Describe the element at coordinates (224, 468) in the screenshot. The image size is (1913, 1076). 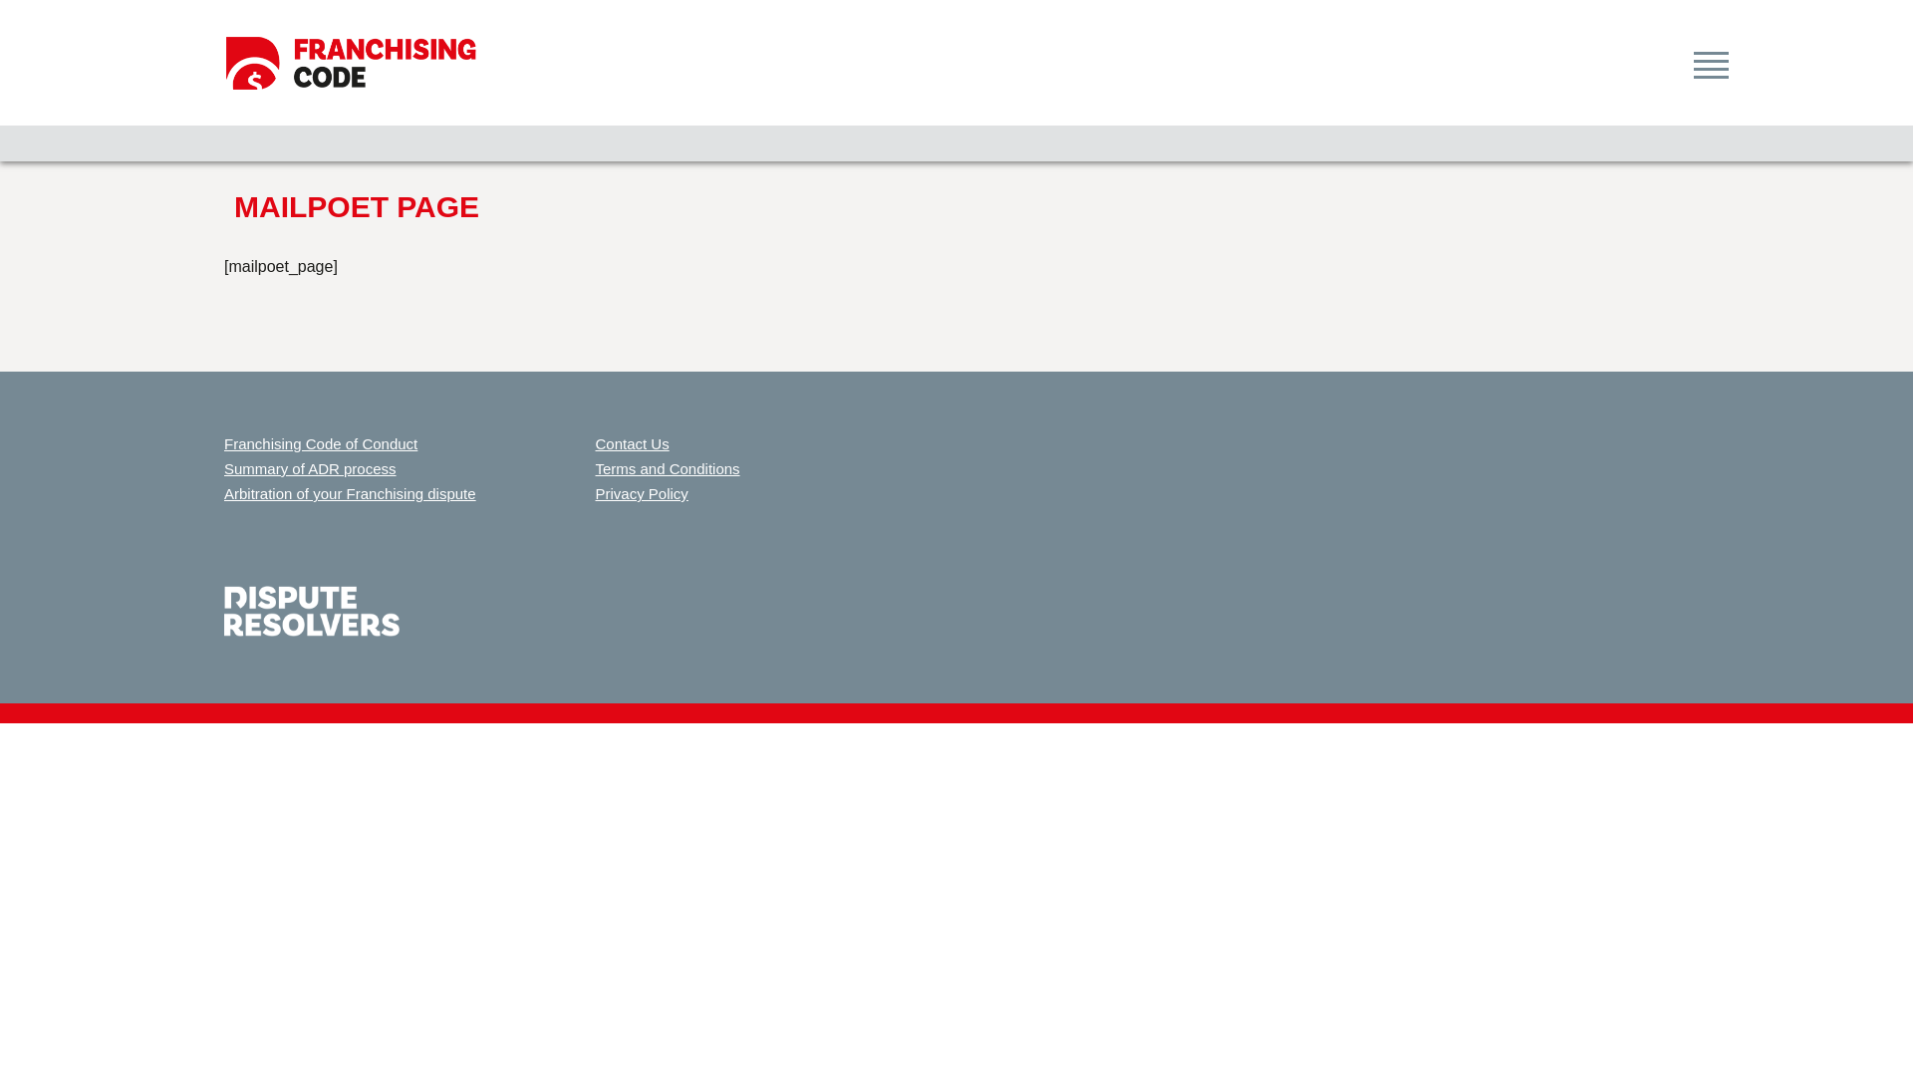
I see `'Summary of ADR process'` at that location.